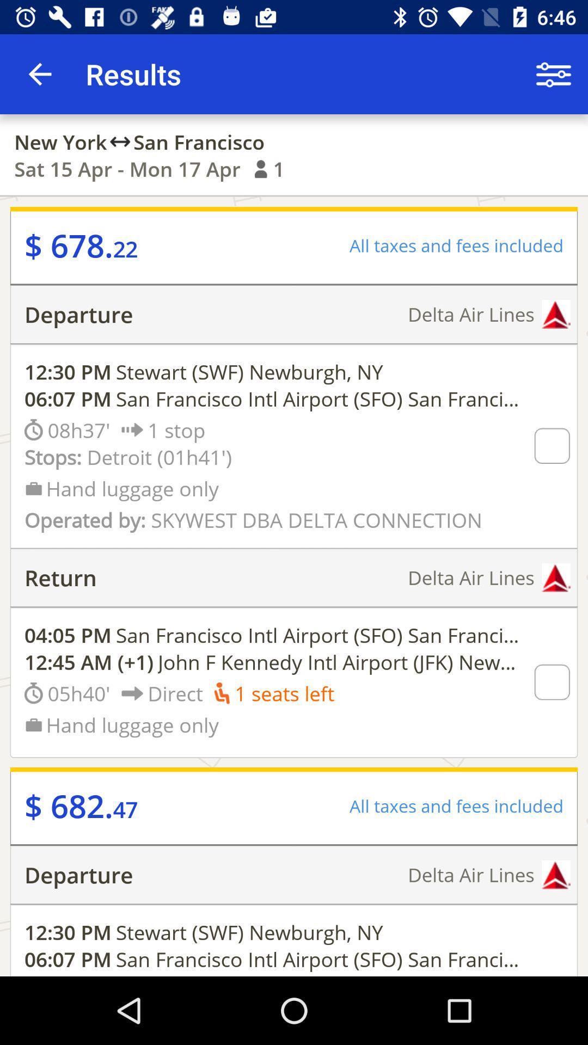 This screenshot has width=588, height=1045. What do you see at coordinates (222, 692) in the screenshot?
I see `the symbol which is left to 1 seats left text` at bounding box center [222, 692].